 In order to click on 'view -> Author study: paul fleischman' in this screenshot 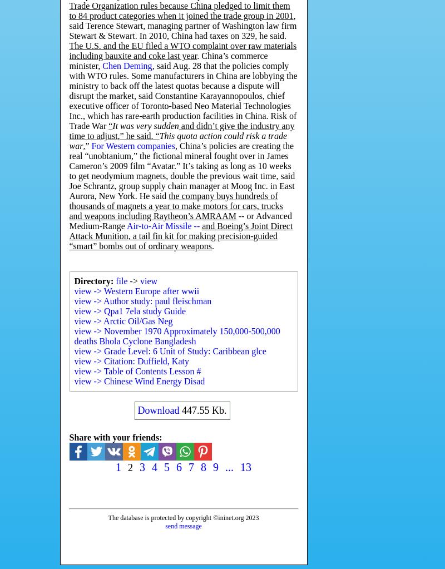, I will do `click(142, 300)`.